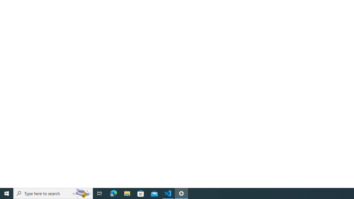 The width and height of the screenshot is (354, 199). What do you see at coordinates (141, 193) in the screenshot?
I see `'Microsoft Store'` at bounding box center [141, 193].